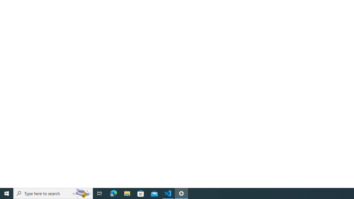 The width and height of the screenshot is (354, 199). What do you see at coordinates (141, 193) in the screenshot?
I see `'Microsoft Store'` at bounding box center [141, 193].